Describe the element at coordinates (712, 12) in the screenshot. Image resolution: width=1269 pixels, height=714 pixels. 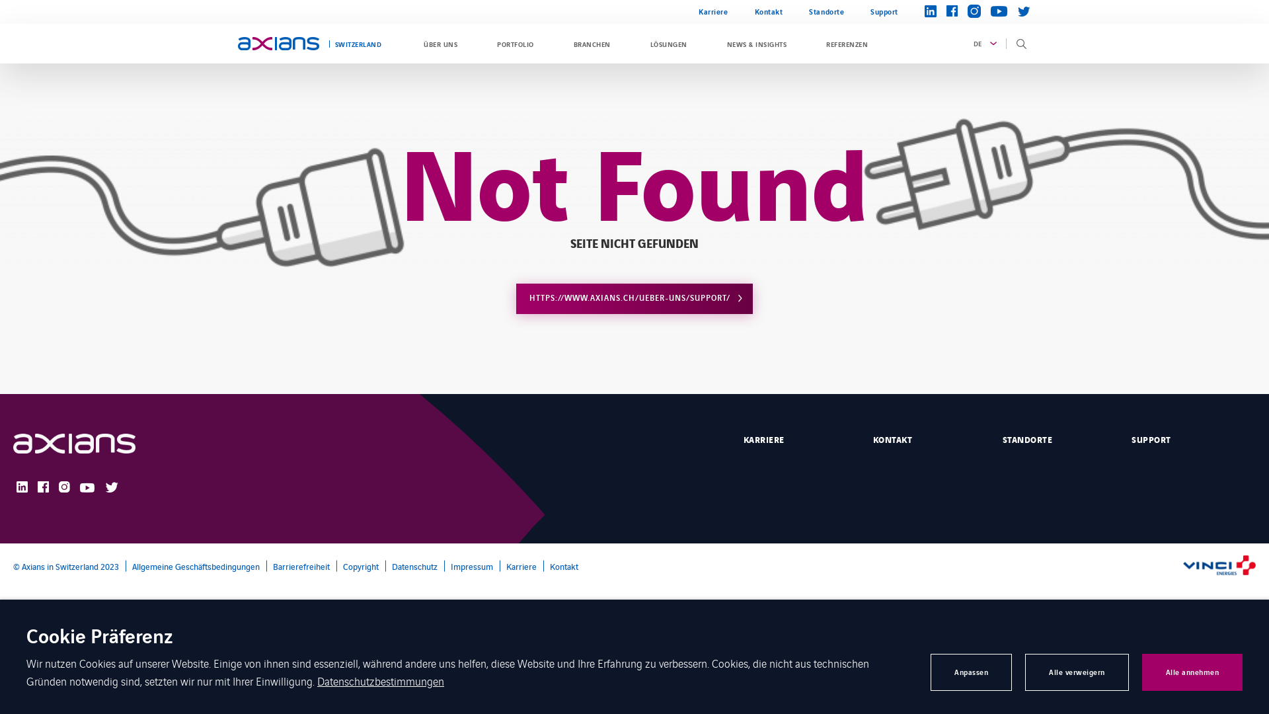
I see `'Karriere'` at that location.